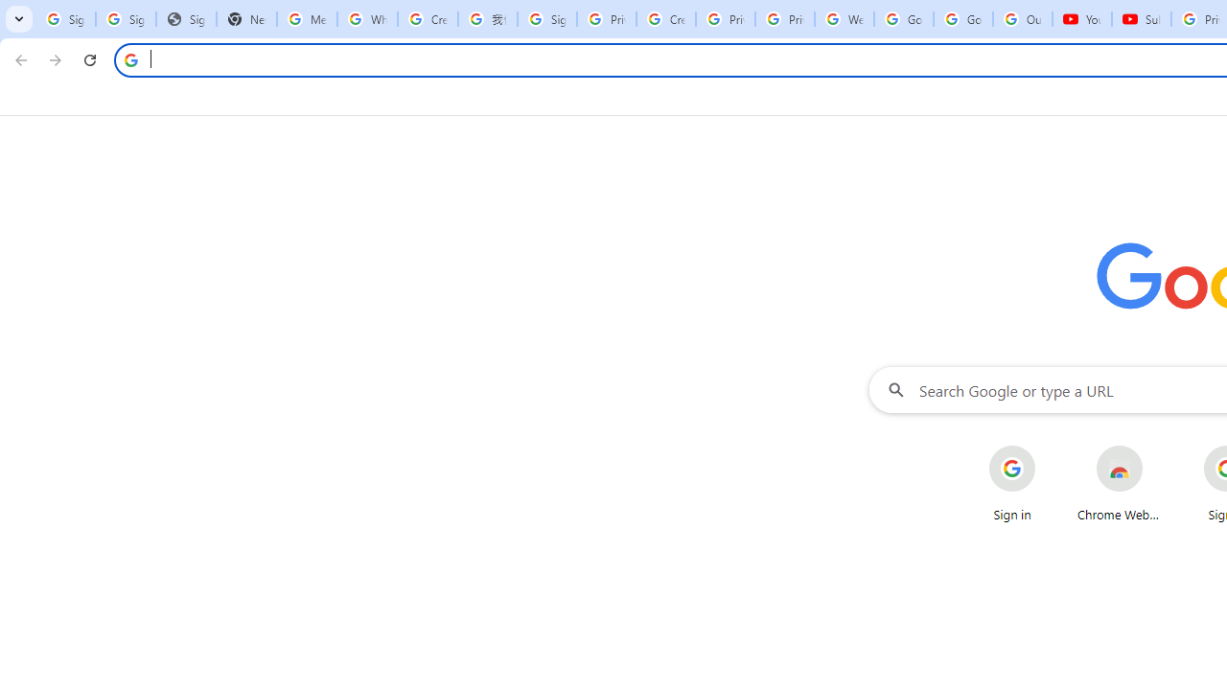 The width and height of the screenshot is (1227, 690). What do you see at coordinates (1142, 19) in the screenshot?
I see `'Subscriptions - YouTube'` at bounding box center [1142, 19].